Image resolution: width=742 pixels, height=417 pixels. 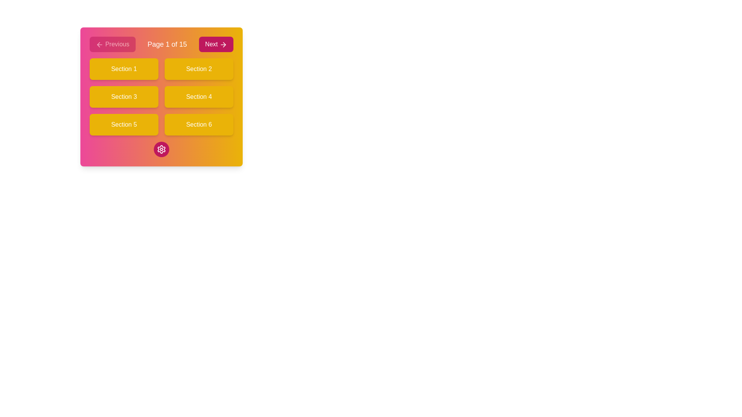 I want to click on the central section of the navigation grid layout, so click(x=161, y=96).